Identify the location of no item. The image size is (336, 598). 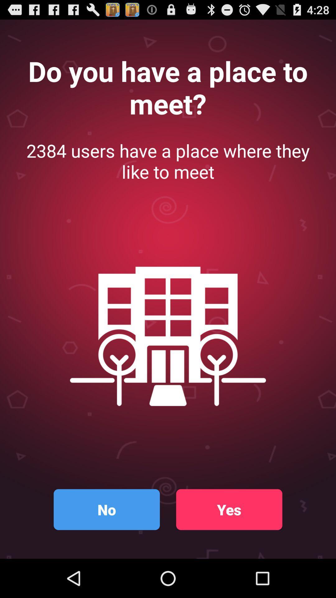
(106, 510).